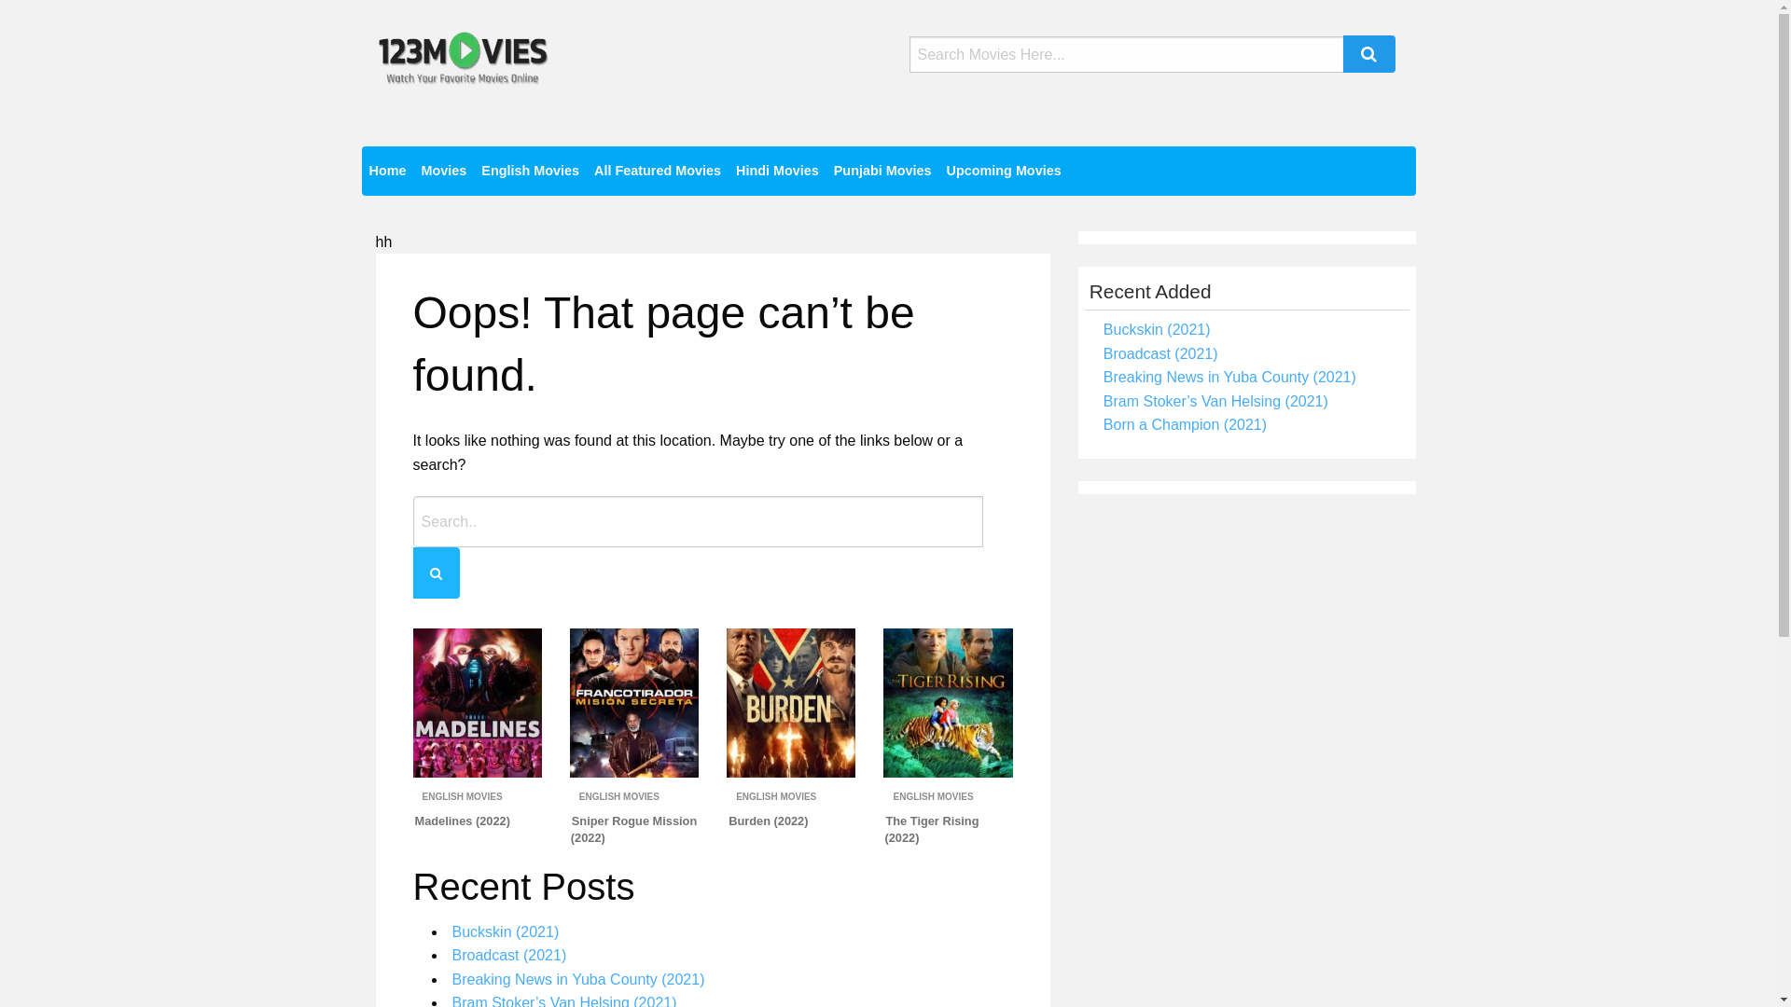  Describe the element at coordinates (1369, 52) in the screenshot. I see `'Search'` at that location.